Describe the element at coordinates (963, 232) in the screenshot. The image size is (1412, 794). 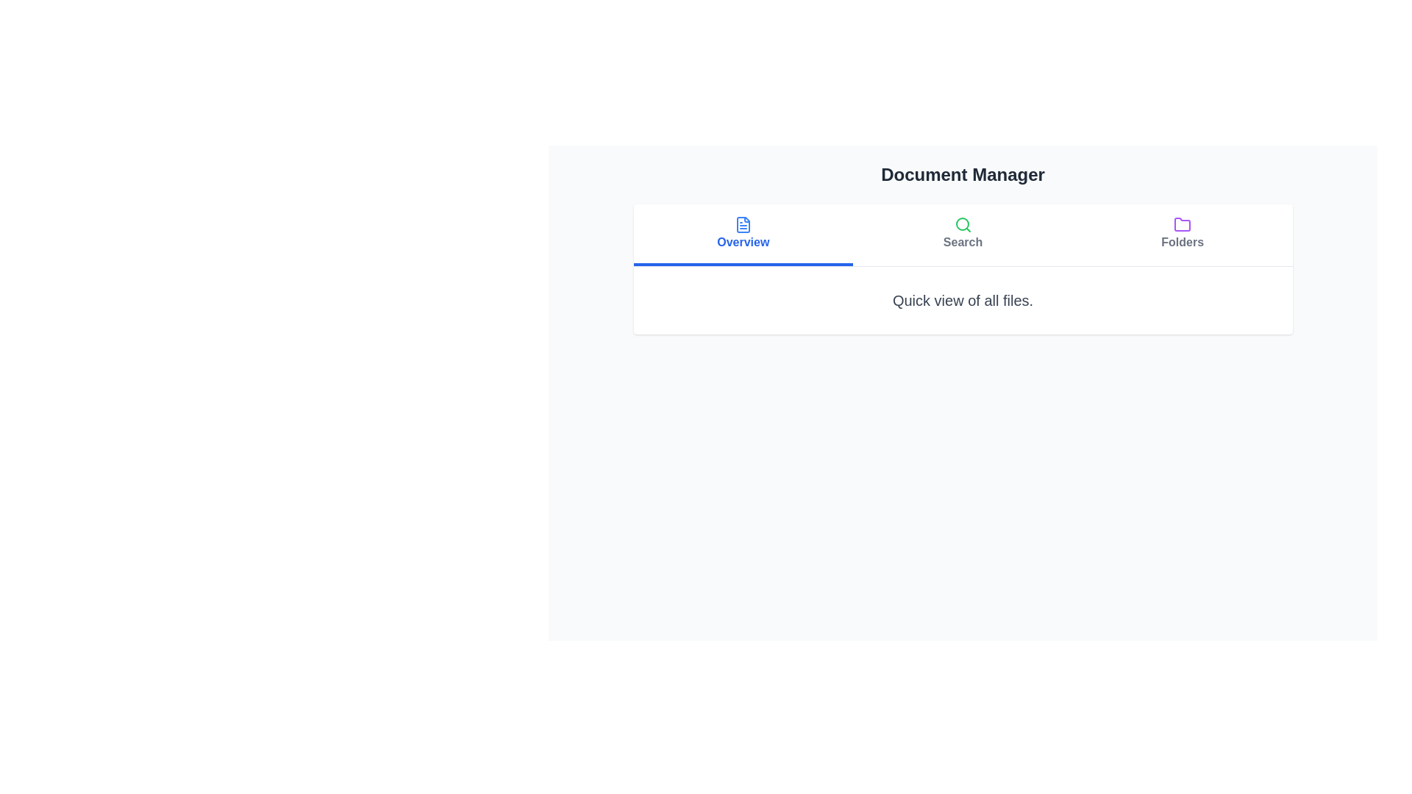
I see `the 'Search' feature icon, which is represented by a green magnifying glass and is located in the center of the menu bar under 'Document Manager'` at that location.